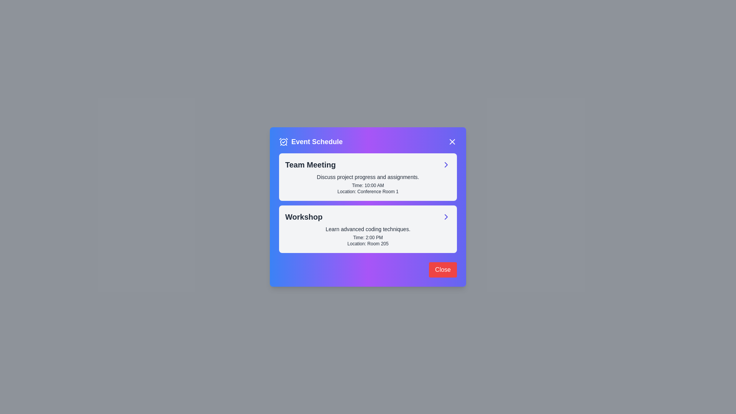 The image size is (736, 414). I want to click on the event Workshop by clicking on its corresponding area, so click(446, 217).